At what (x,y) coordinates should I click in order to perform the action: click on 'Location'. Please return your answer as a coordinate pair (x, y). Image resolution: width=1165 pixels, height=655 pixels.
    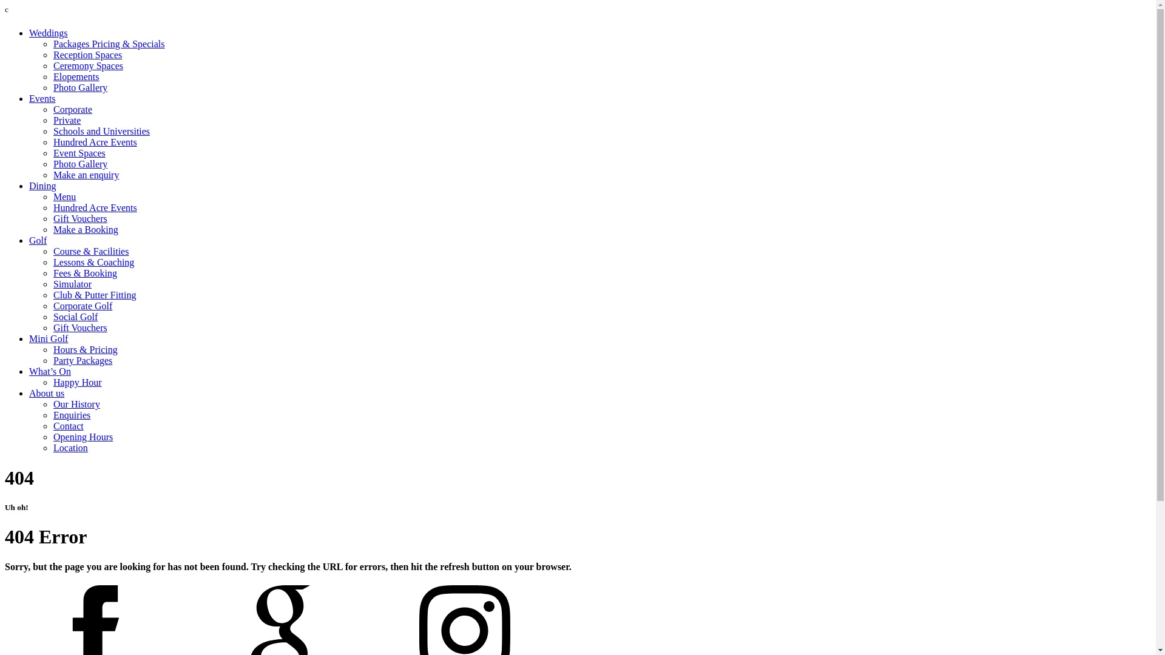
    Looking at the image, I should click on (70, 448).